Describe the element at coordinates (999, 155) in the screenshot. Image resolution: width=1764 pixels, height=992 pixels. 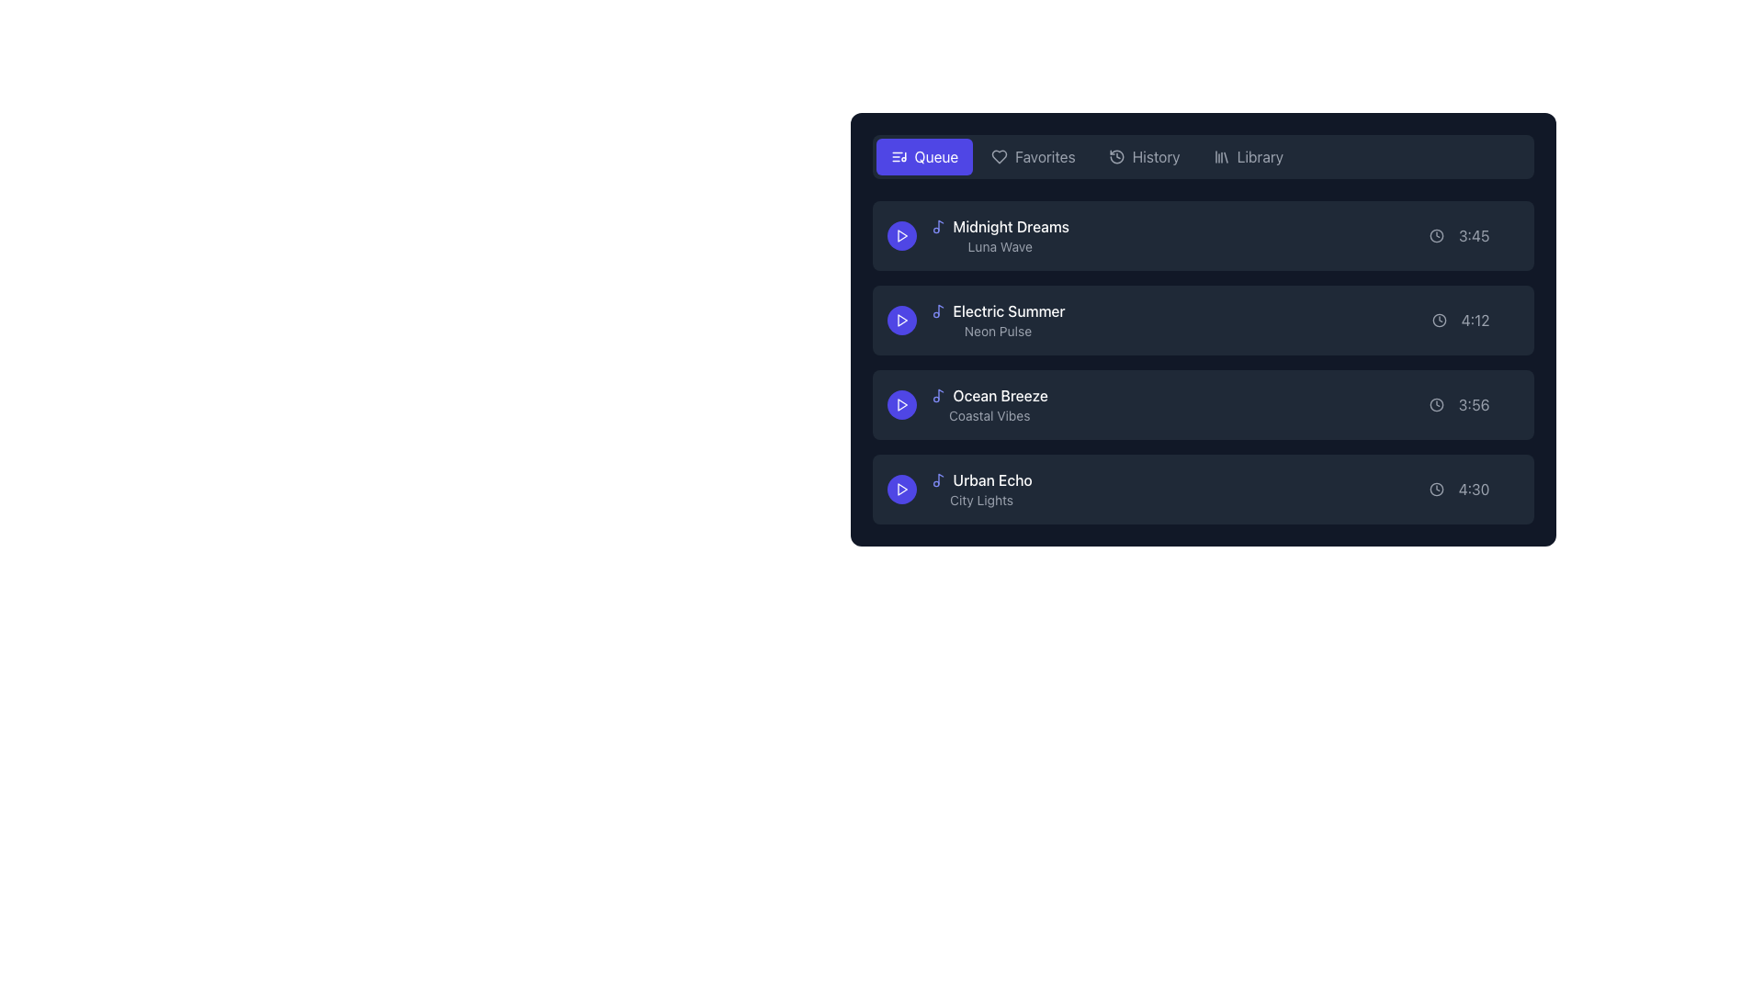
I see `the heart-shaped icon in the Favorites section of the navigation bar` at that location.